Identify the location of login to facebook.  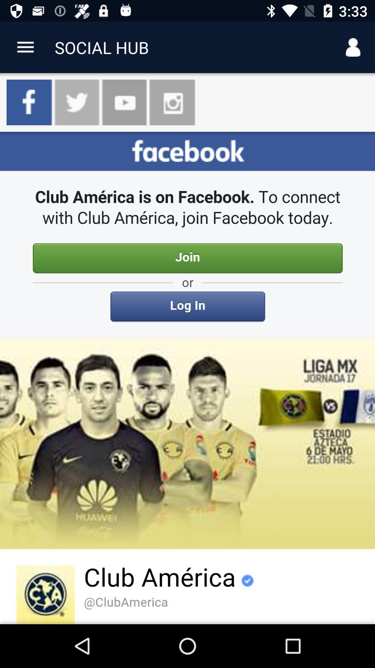
(187, 377).